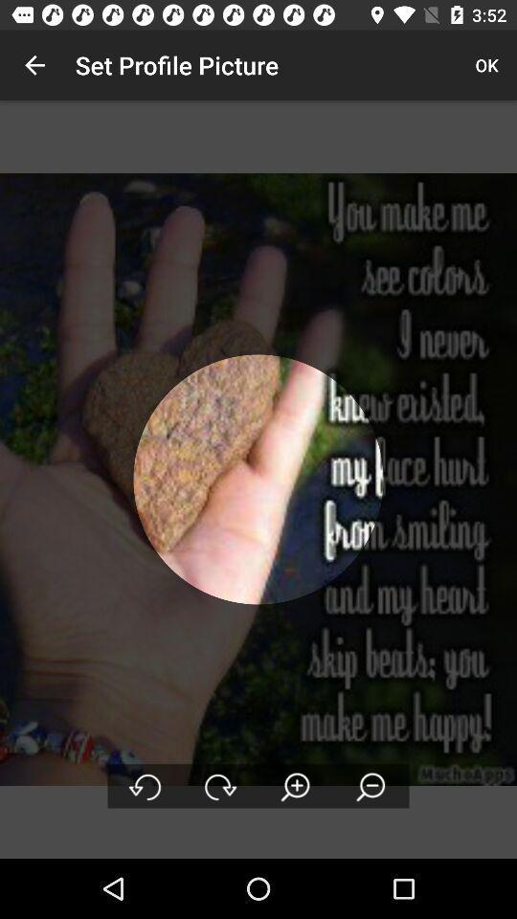 This screenshot has width=517, height=919. Describe the element at coordinates (486, 65) in the screenshot. I see `item next to the set profile picture` at that location.